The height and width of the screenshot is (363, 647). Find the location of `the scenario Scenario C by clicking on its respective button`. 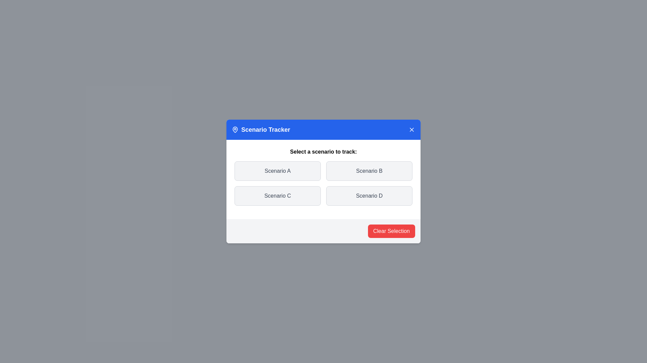

the scenario Scenario C by clicking on its respective button is located at coordinates (278, 196).